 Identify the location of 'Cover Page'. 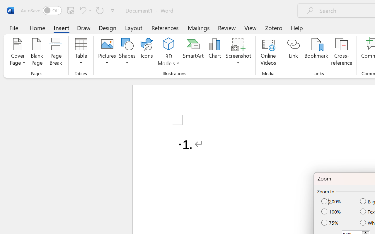
(18, 52).